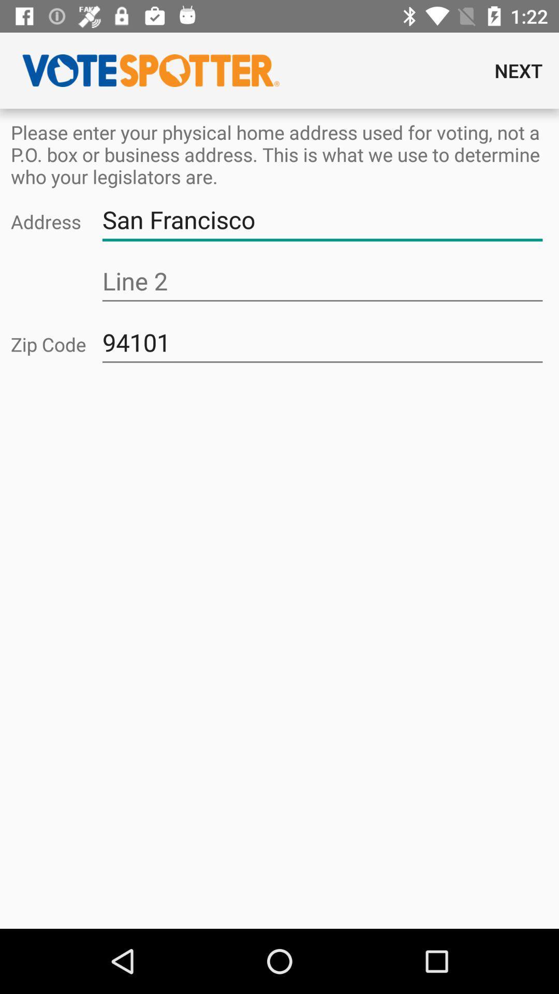 This screenshot has width=559, height=994. Describe the element at coordinates (322, 281) in the screenshot. I see `shows line2 code` at that location.